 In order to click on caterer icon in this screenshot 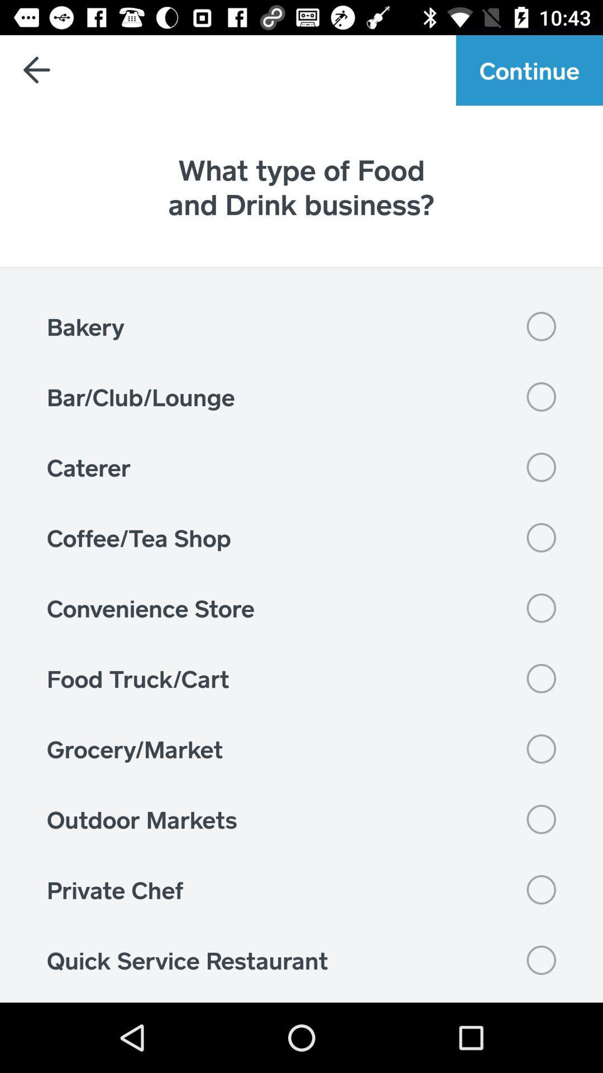, I will do `click(301, 467)`.